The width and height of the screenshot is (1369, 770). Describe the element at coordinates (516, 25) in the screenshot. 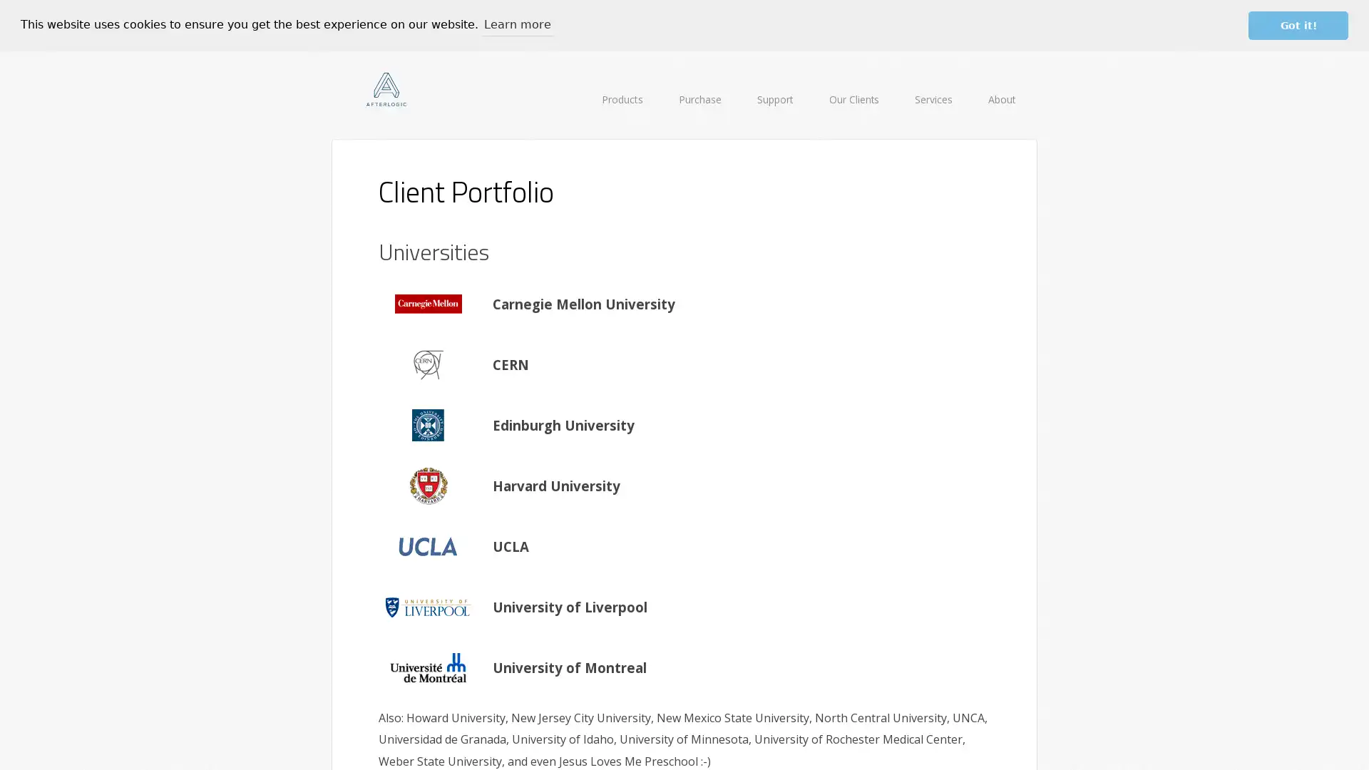

I see `learn more about cookies` at that location.